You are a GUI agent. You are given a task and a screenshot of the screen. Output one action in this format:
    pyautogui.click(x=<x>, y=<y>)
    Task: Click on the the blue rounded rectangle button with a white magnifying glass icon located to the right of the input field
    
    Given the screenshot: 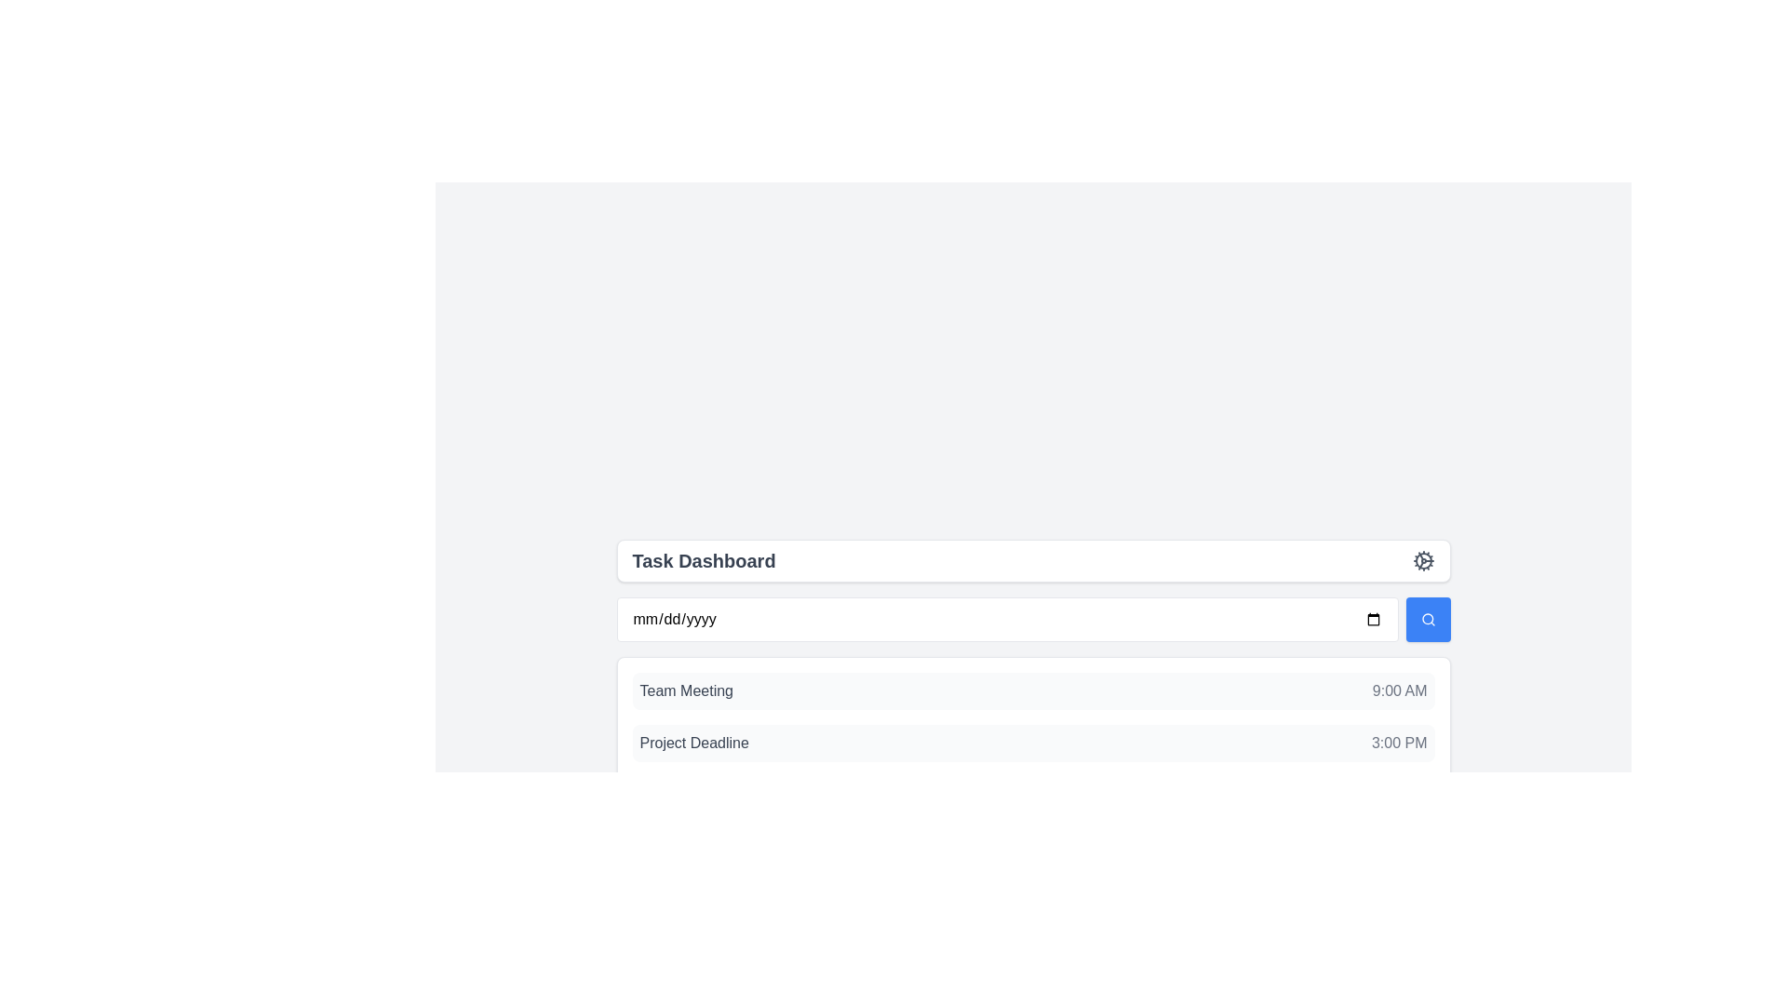 What is the action you would take?
    pyautogui.click(x=1427, y=620)
    